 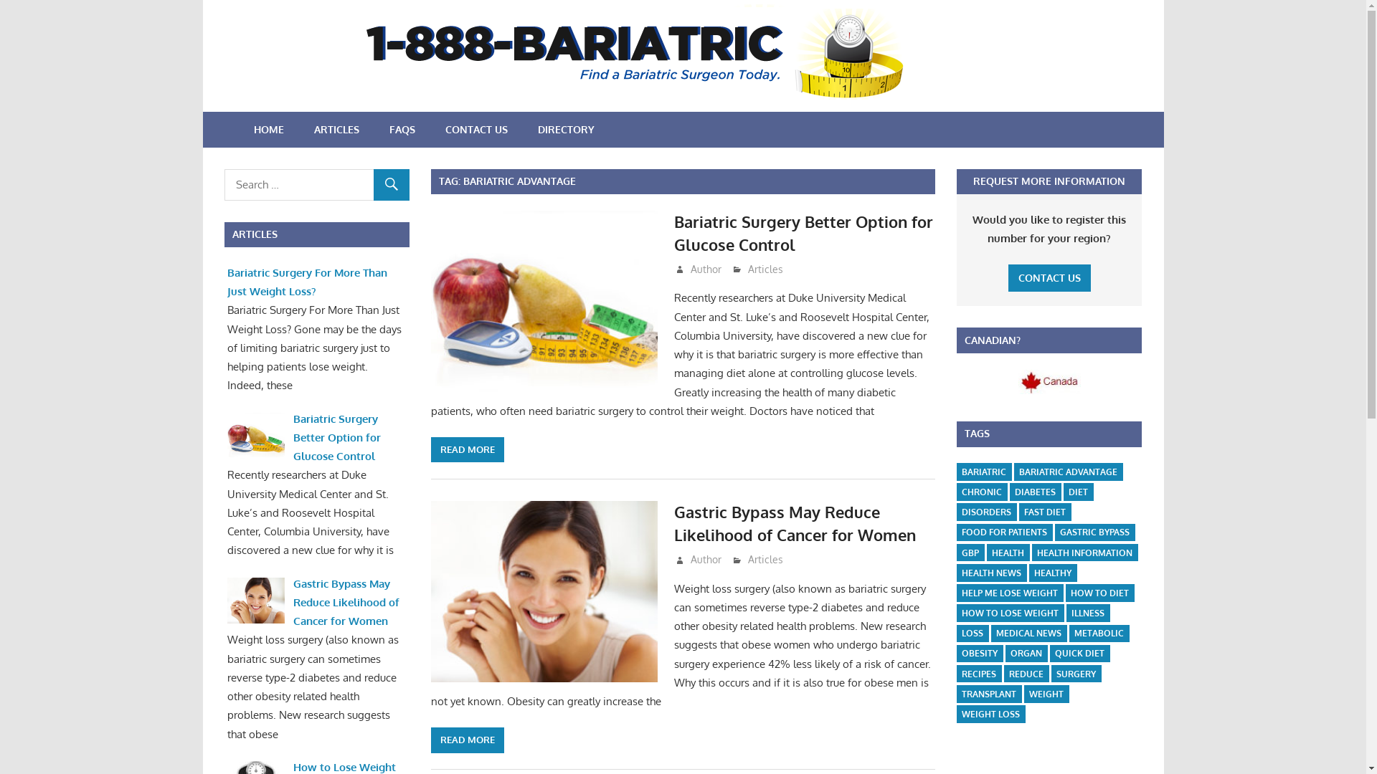 I want to click on 'FOOD FOR PATIENTS', so click(x=1003, y=532).